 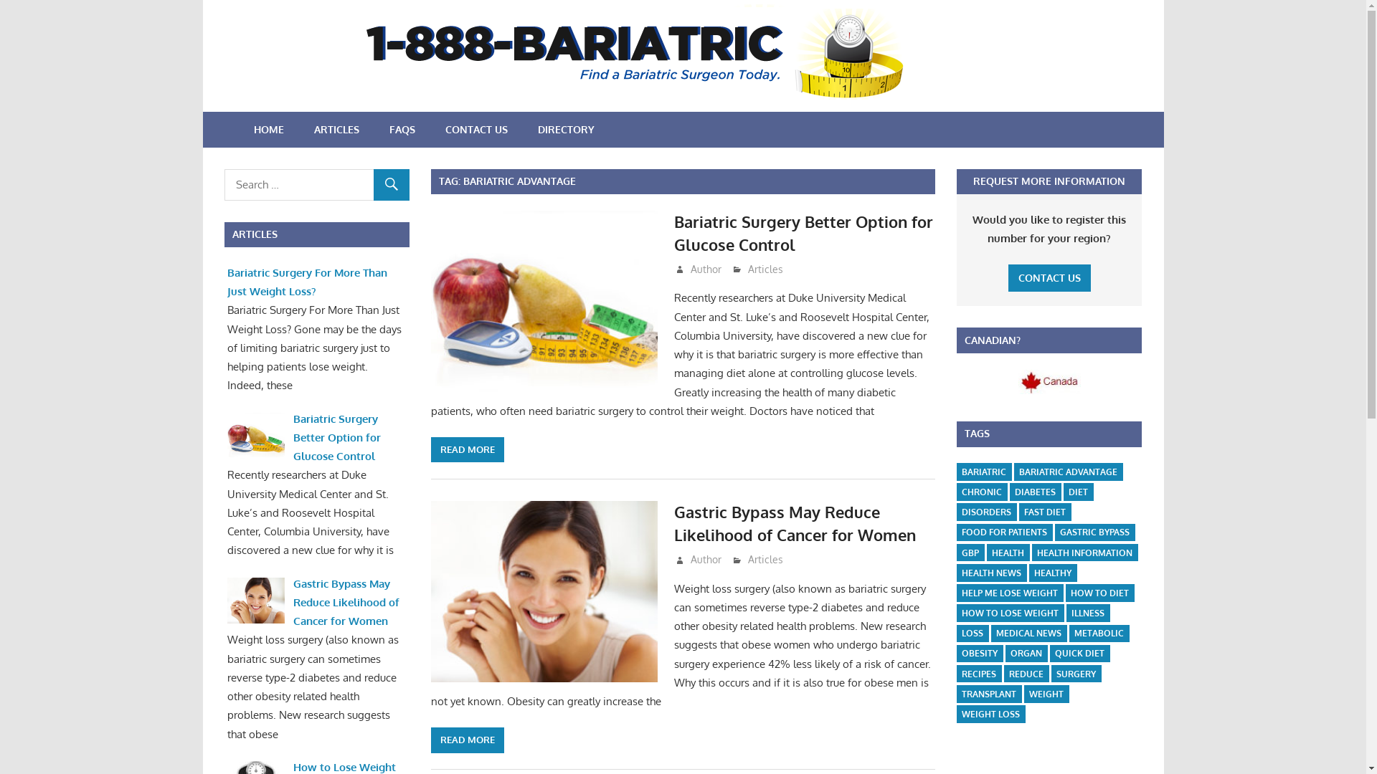 I want to click on 'FOOD FOR PATIENTS', so click(x=1003, y=532).